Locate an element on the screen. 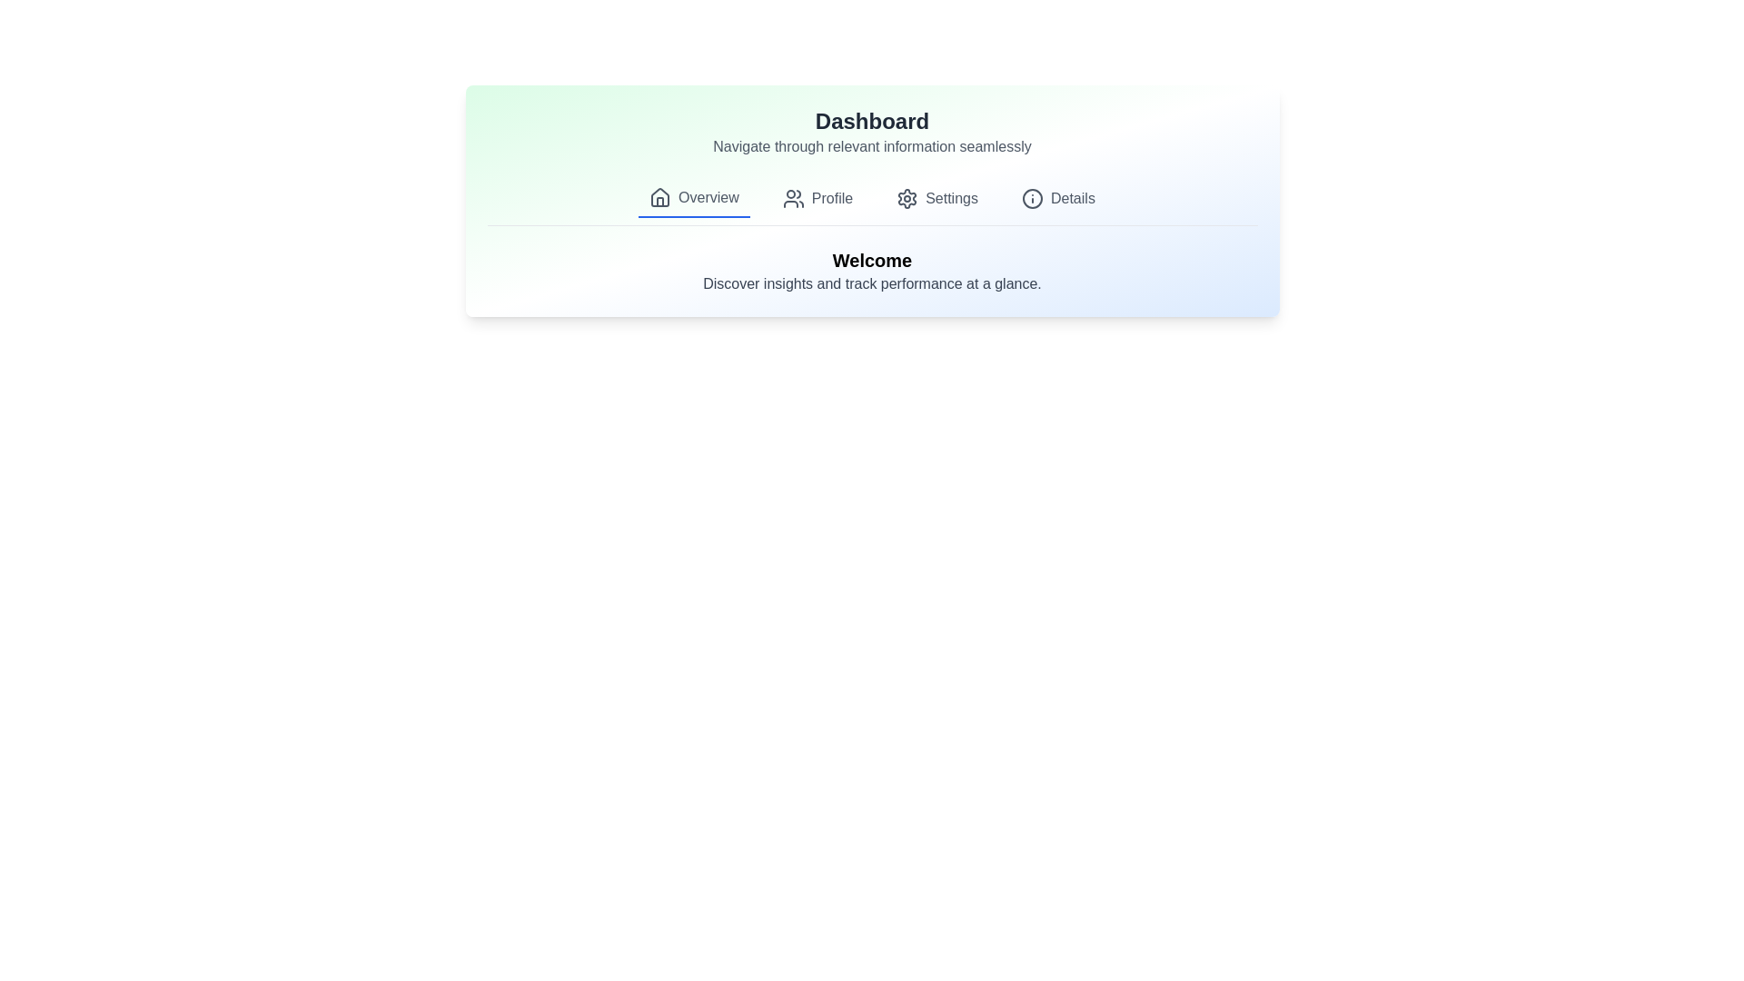 The height and width of the screenshot is (981, 1744). the textual label that reads 'Navigate through relevant information seamlessly', which is styled in gray and positioned centrally under the 'Dashboard' header is located at coordinates (872, 146).